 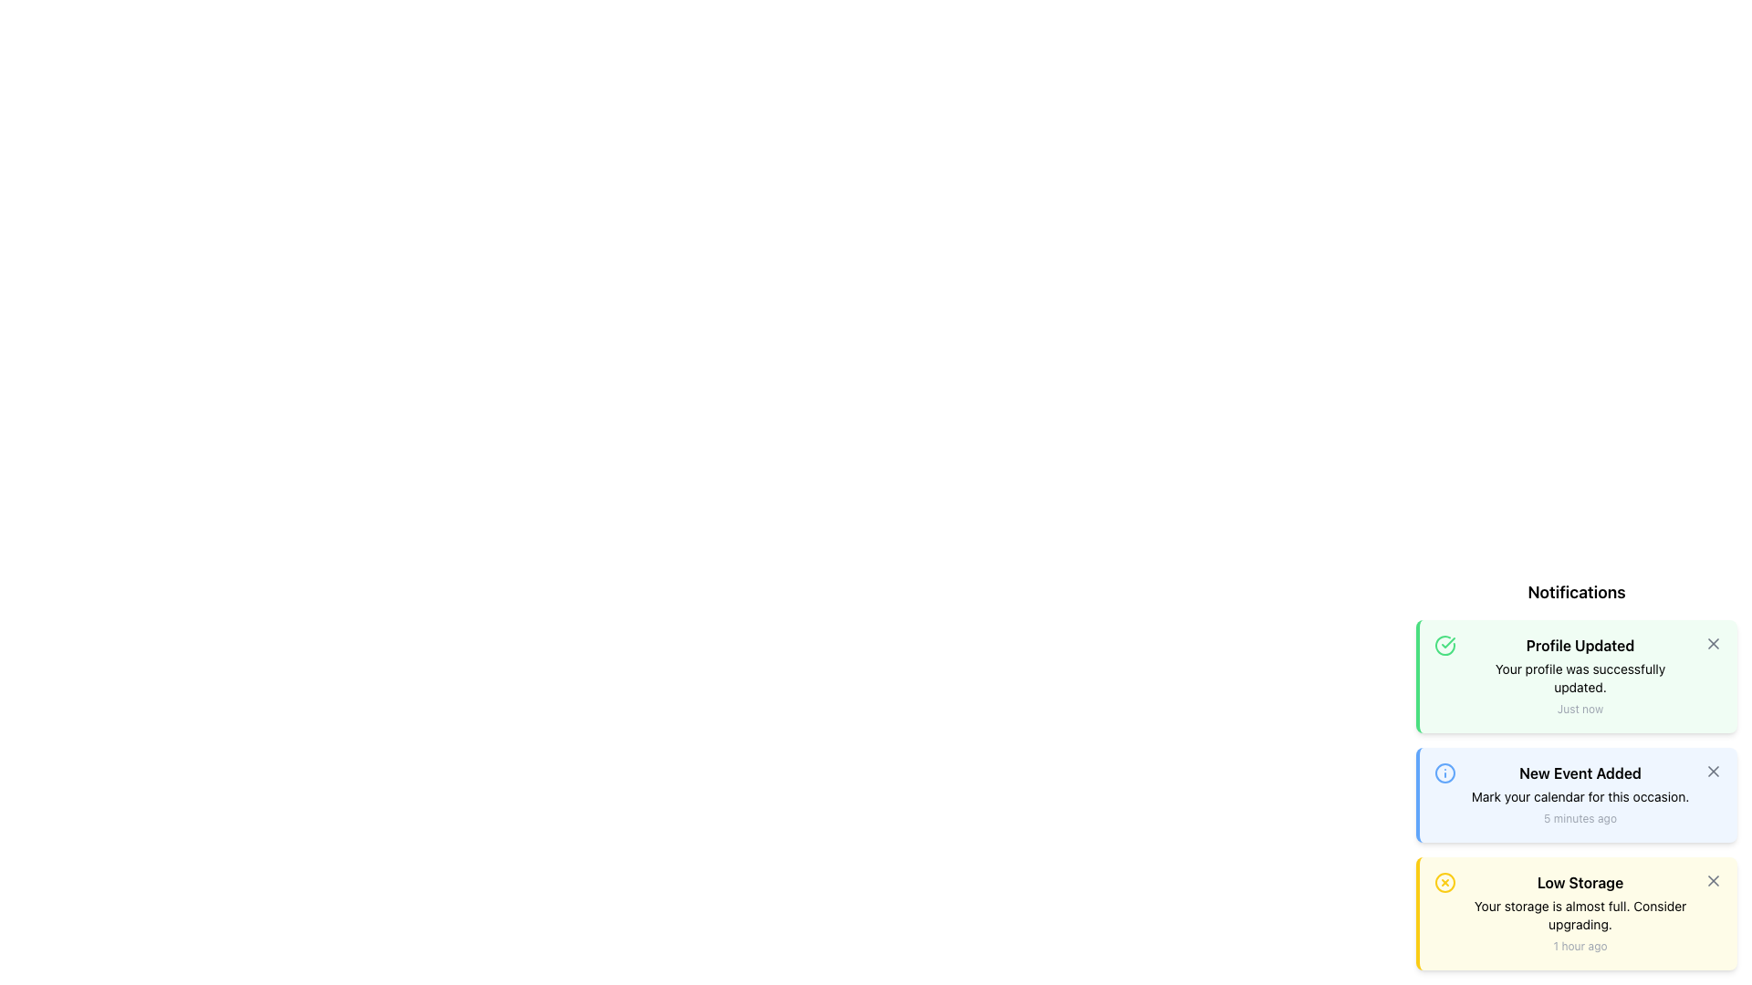 I want to click on the dismiss button located in the top-right corner of the 'New Event Added' notification card, so click(x=1712, y=771).